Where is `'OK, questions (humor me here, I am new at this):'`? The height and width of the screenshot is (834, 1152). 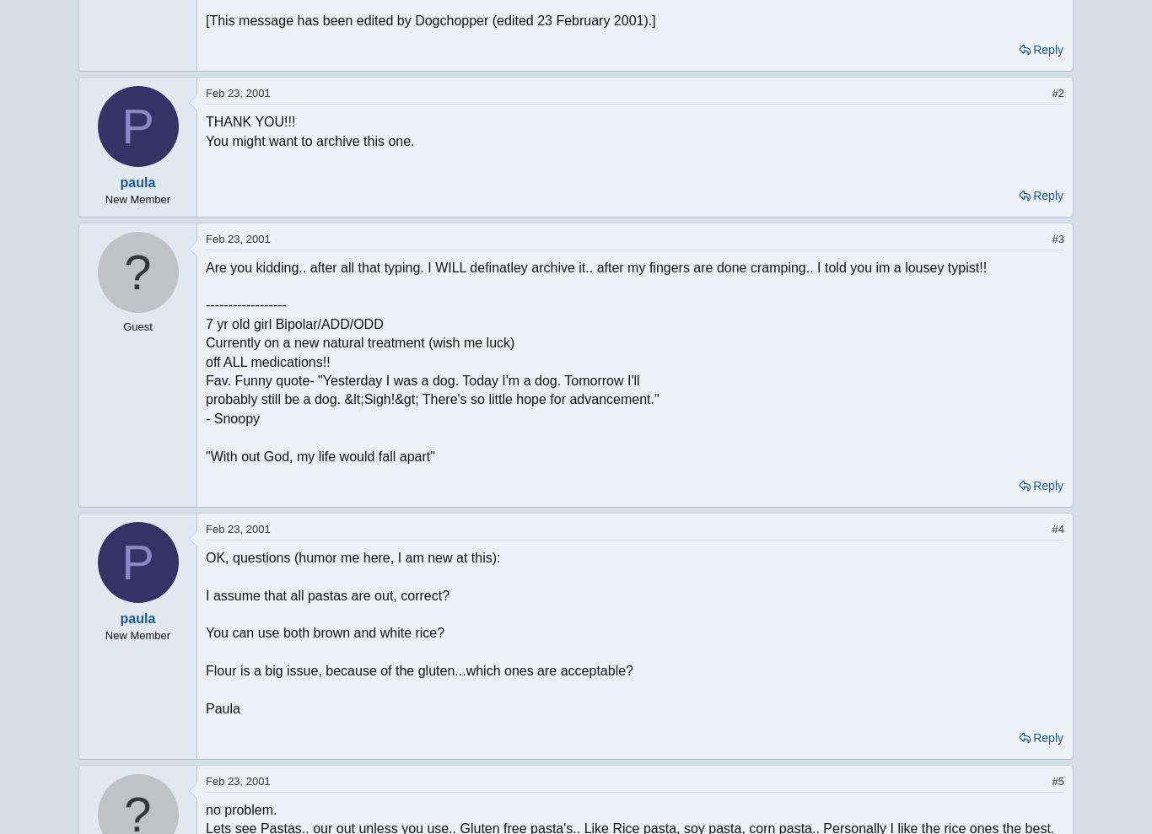 'OK, questions (humor me here, I am new at this):' is located at coordinates (205, 556).